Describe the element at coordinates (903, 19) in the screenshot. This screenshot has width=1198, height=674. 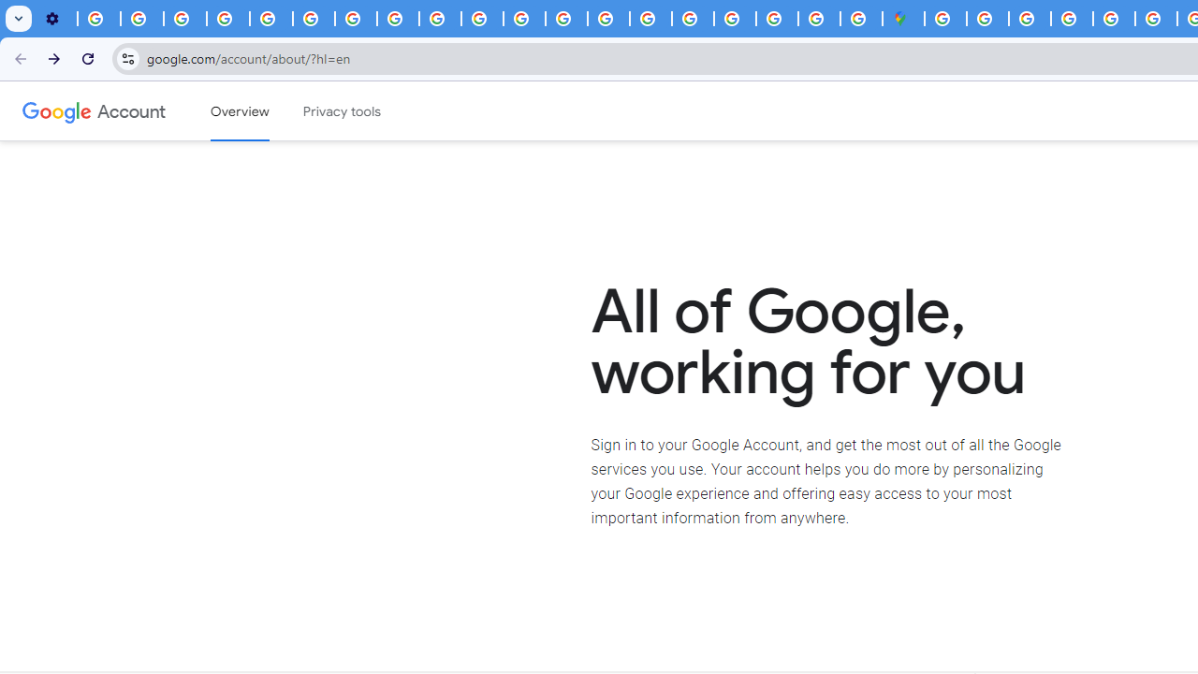
I see `'Google Maps'` at that location.